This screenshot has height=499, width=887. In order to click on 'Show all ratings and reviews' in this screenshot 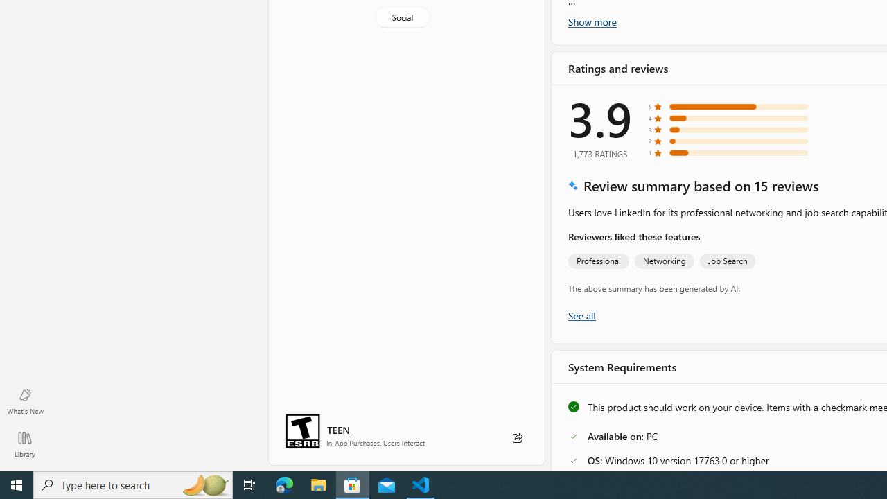, I will do `click(581, 315)`.